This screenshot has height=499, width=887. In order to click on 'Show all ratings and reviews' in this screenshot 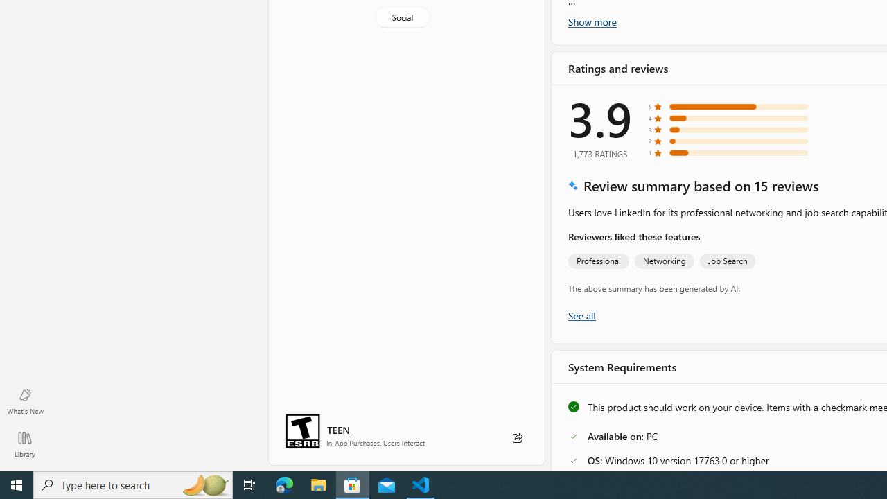, I will do `click(581, 315)`.